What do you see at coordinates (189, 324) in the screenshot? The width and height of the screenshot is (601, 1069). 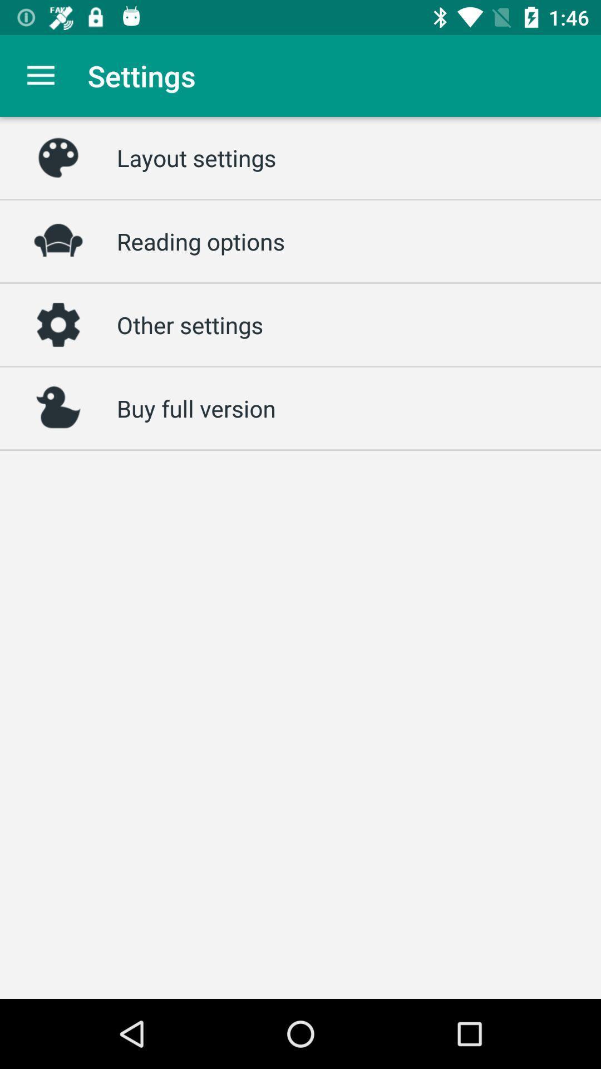 I see `the icon below the reading options` at bounding box center [189, 324].